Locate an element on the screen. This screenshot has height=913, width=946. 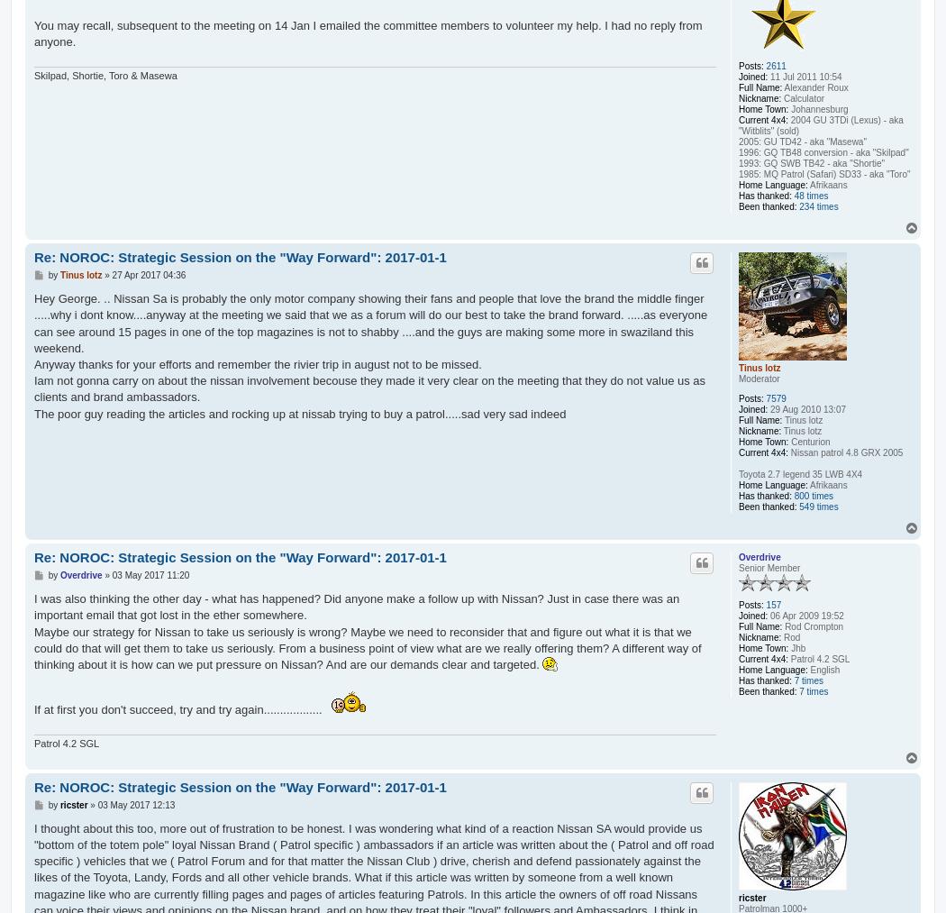
'Hey George. .. Nissan Sa is probably the only motor company showing their fans and people that love the brand the middle finger .....why i dont know....anyway at the meeting we said that we as a forum will do our best to take the brand forward. .....as everyone can see around 15 pages in one of the top magazines is not to shabby ....and the guys are making some more in swaziland this weekend.' is located at coordinates (370, 323).